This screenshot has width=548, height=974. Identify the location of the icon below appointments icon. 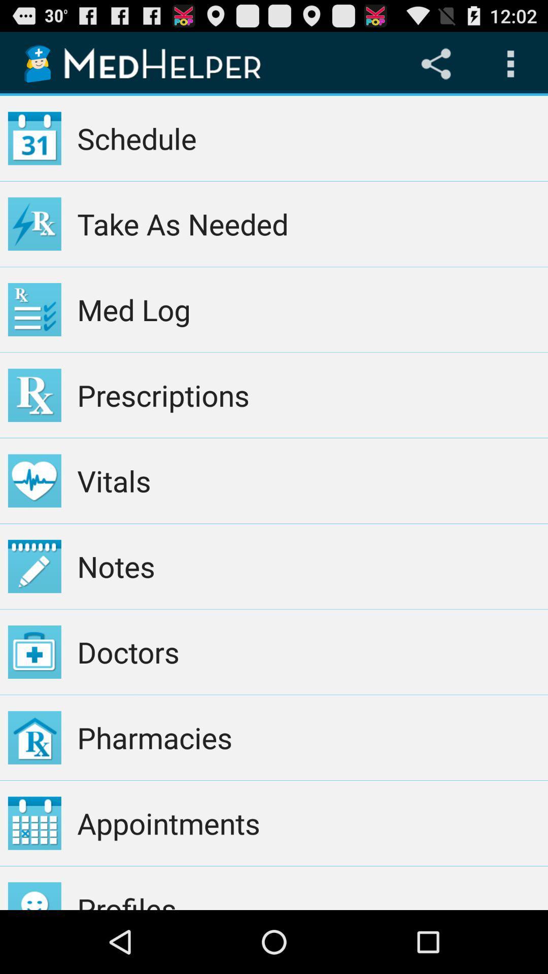
(308, 887).